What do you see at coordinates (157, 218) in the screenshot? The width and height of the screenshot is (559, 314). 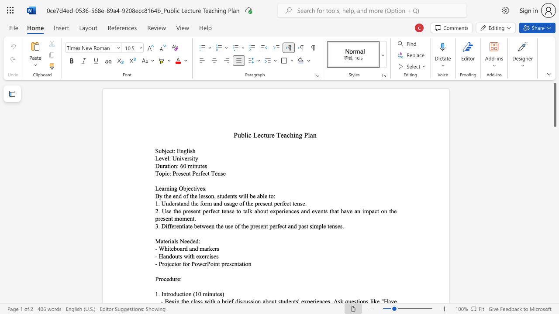 I see `the 5th character "p" in the text` at bounding box center [157, 218].